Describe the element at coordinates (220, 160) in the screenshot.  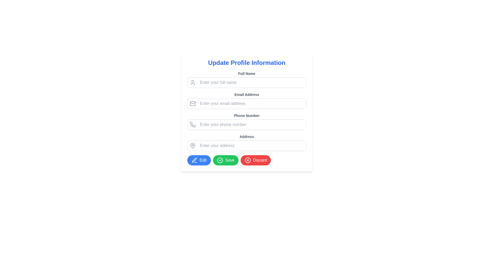
I see `properties of the circular checkmark icon located to the left of the 'Save' button, which is part of the button's visual composition` at that location.